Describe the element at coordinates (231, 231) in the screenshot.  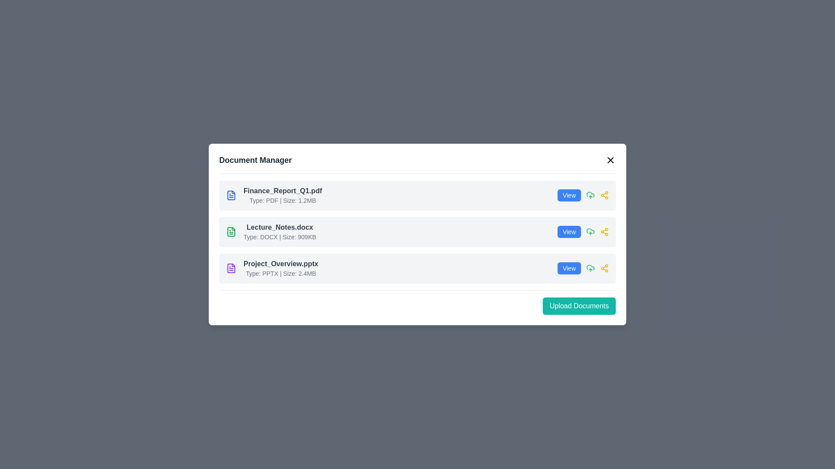
I see `the document icon representing 'Finance_Report_Q1.pdf' in the first row of the document list` at that location.